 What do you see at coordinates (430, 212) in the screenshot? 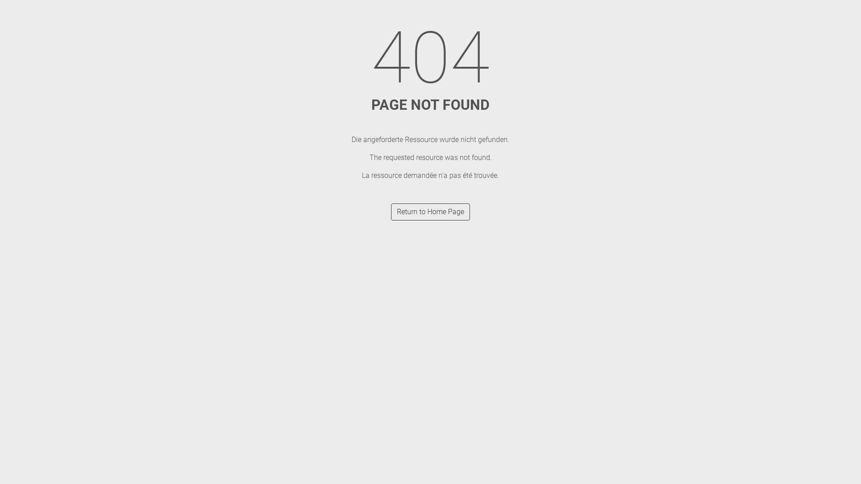
I see `'Return to Home Page'` at bounding box center [430, 212].